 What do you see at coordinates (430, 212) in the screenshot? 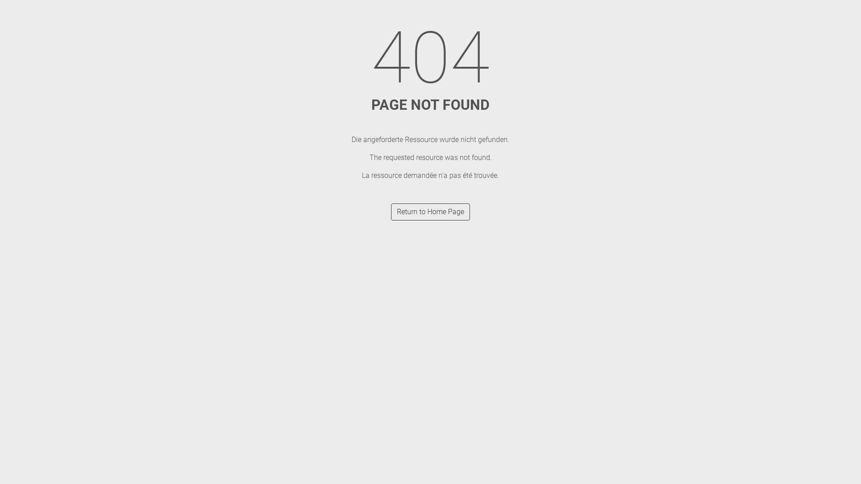
I see `'Return to Home Page'` at bounding box center [430, 212].